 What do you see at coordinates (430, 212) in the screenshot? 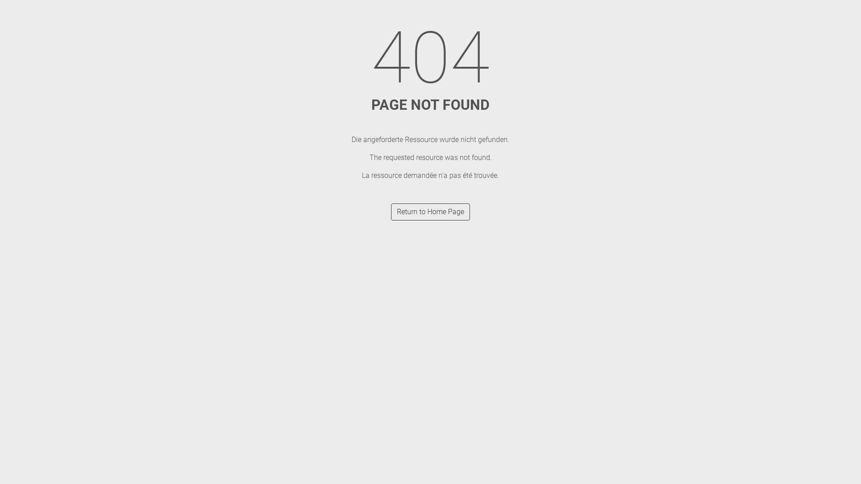
I see `'Return to Home Page'` at bounding box center [430, 212].